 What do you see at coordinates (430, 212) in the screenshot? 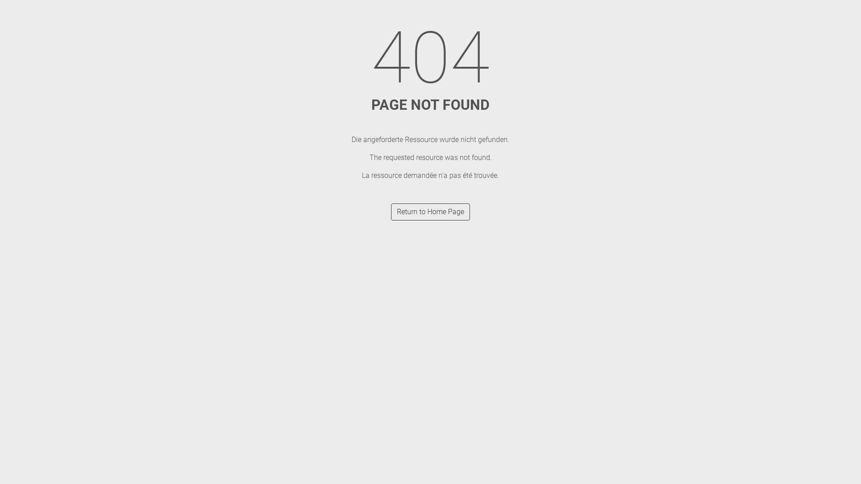
I see `'Return to Home Page'` at bounding box center [430, 212].